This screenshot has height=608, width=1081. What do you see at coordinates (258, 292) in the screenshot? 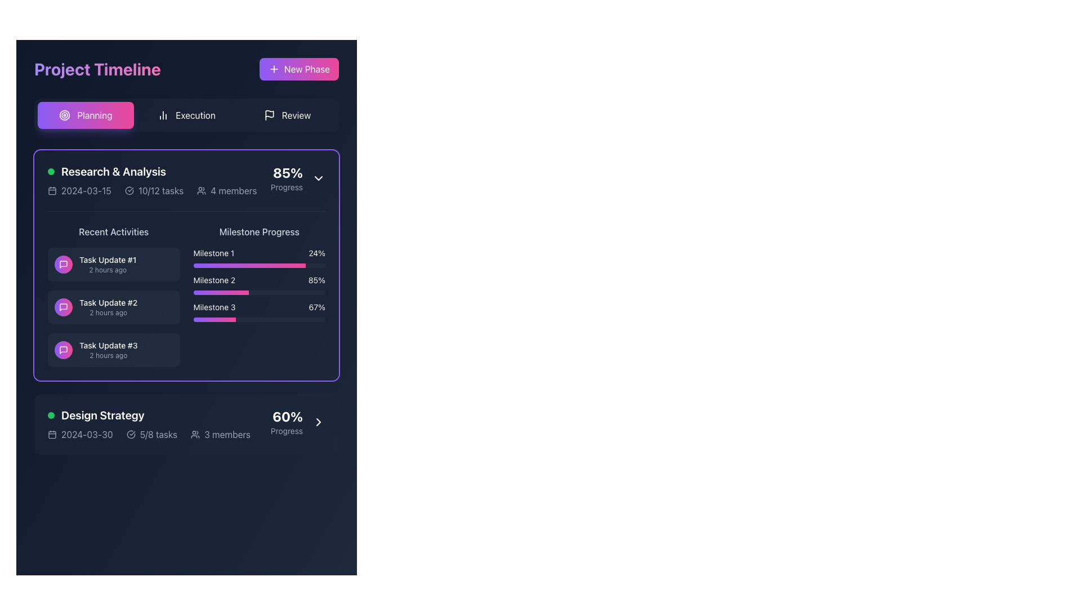
I see `the second progress bar in the 'Milestone Progress' section of the 'Research & Analysis' card, which is styled as a thin, rounded rectangle with a gradient from violet to pink indicating 42% progress` at bounding box center [258, 292].